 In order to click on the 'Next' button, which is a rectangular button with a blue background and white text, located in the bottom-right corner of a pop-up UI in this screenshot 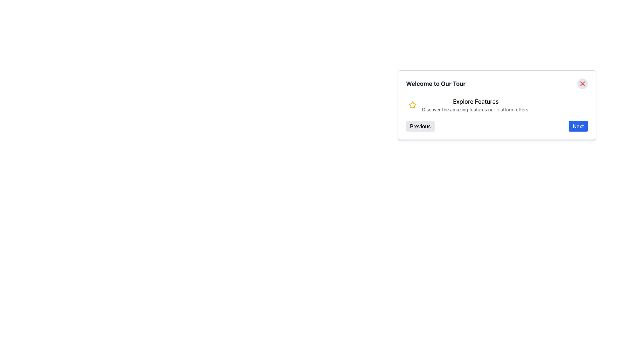, I will do `click(578, 126)`.